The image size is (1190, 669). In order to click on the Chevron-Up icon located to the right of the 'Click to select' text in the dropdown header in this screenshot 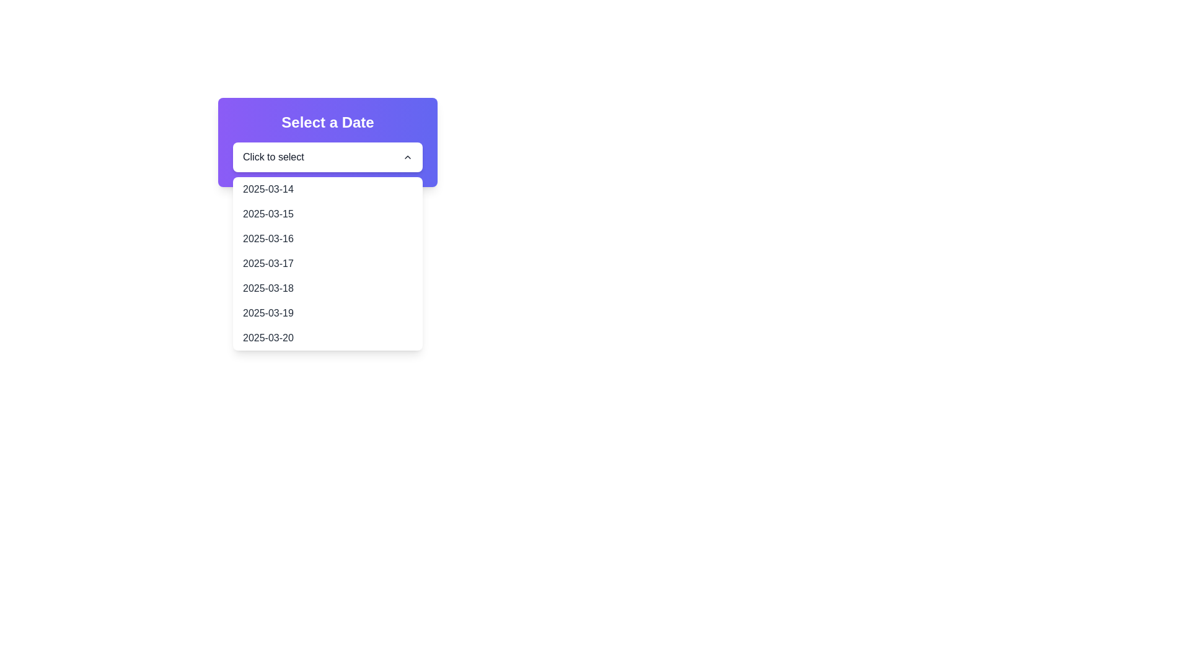, I will do `click(407, 157)`.